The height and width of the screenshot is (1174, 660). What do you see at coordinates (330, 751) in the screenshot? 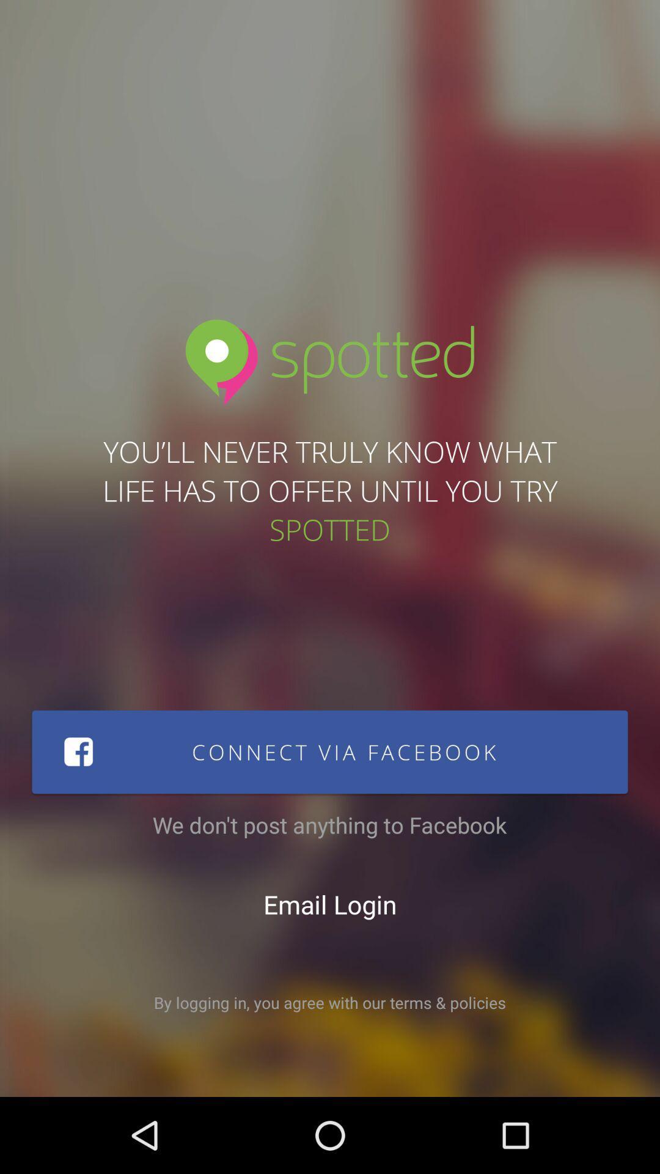
I see `item above we don t icon` at bounding box center [330, 751].